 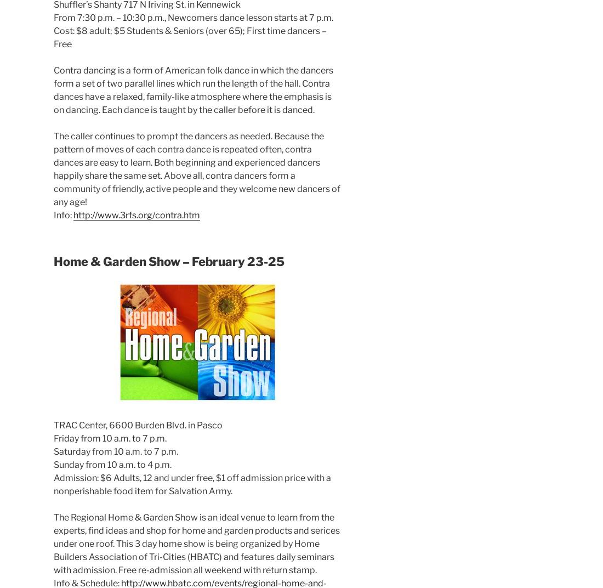 I want to click on 'Friday from 10 a.m. to 7 p.m.', so click(x=109, y=438).